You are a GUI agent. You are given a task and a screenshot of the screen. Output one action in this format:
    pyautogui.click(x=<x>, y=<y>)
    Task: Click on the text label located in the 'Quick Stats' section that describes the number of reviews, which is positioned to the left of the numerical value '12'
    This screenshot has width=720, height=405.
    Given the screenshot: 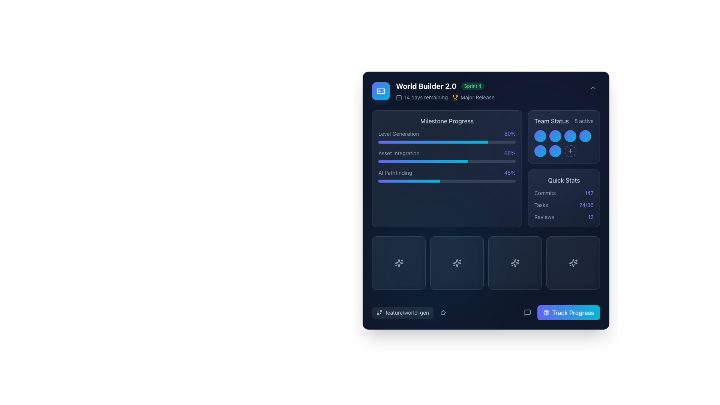 What is the action you would take?
    pyautogui.click(x=544, y=217)
    